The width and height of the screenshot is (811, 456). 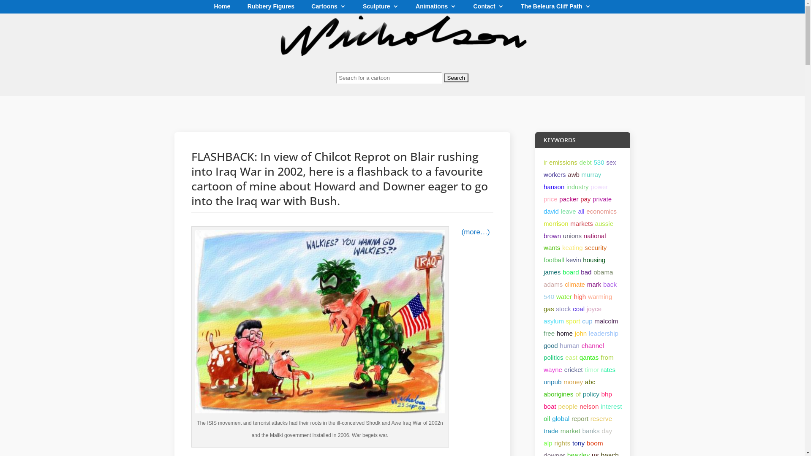 I want to click on 'oil', so click(x=543, y=418).